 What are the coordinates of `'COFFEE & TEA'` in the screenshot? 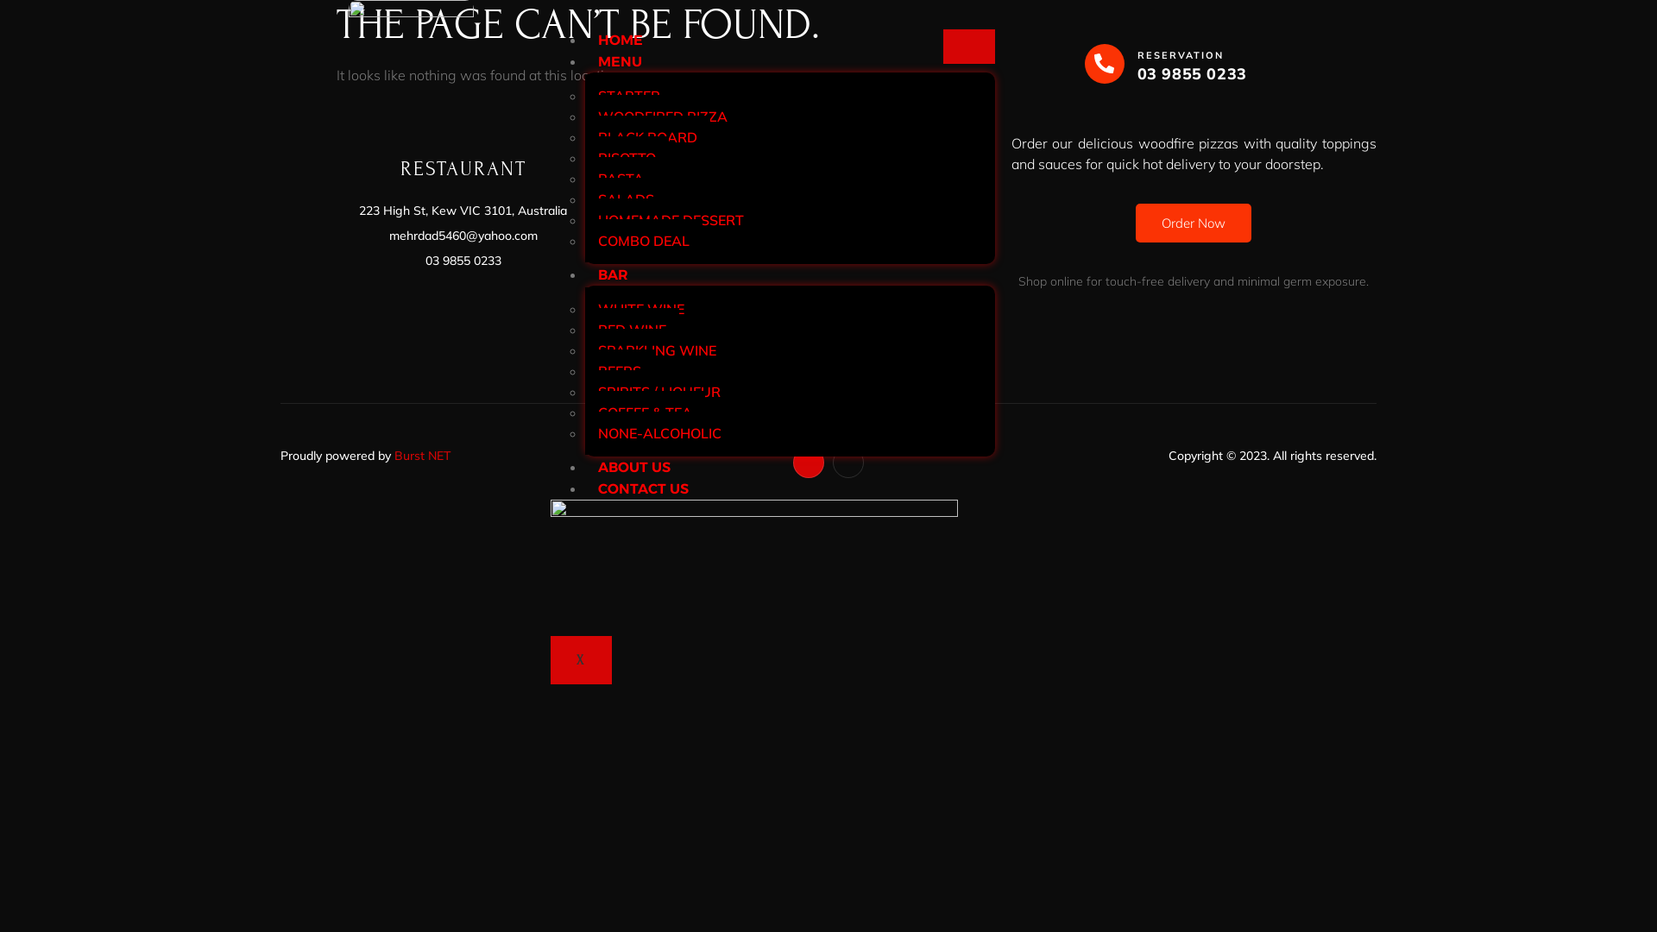 It's located at (644, 412).